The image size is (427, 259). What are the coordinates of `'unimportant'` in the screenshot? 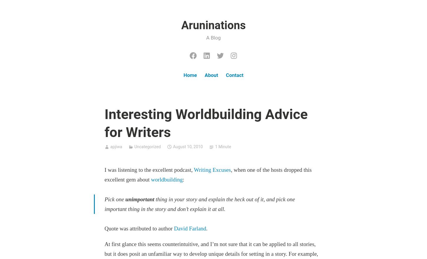 It's located at (139, 199).